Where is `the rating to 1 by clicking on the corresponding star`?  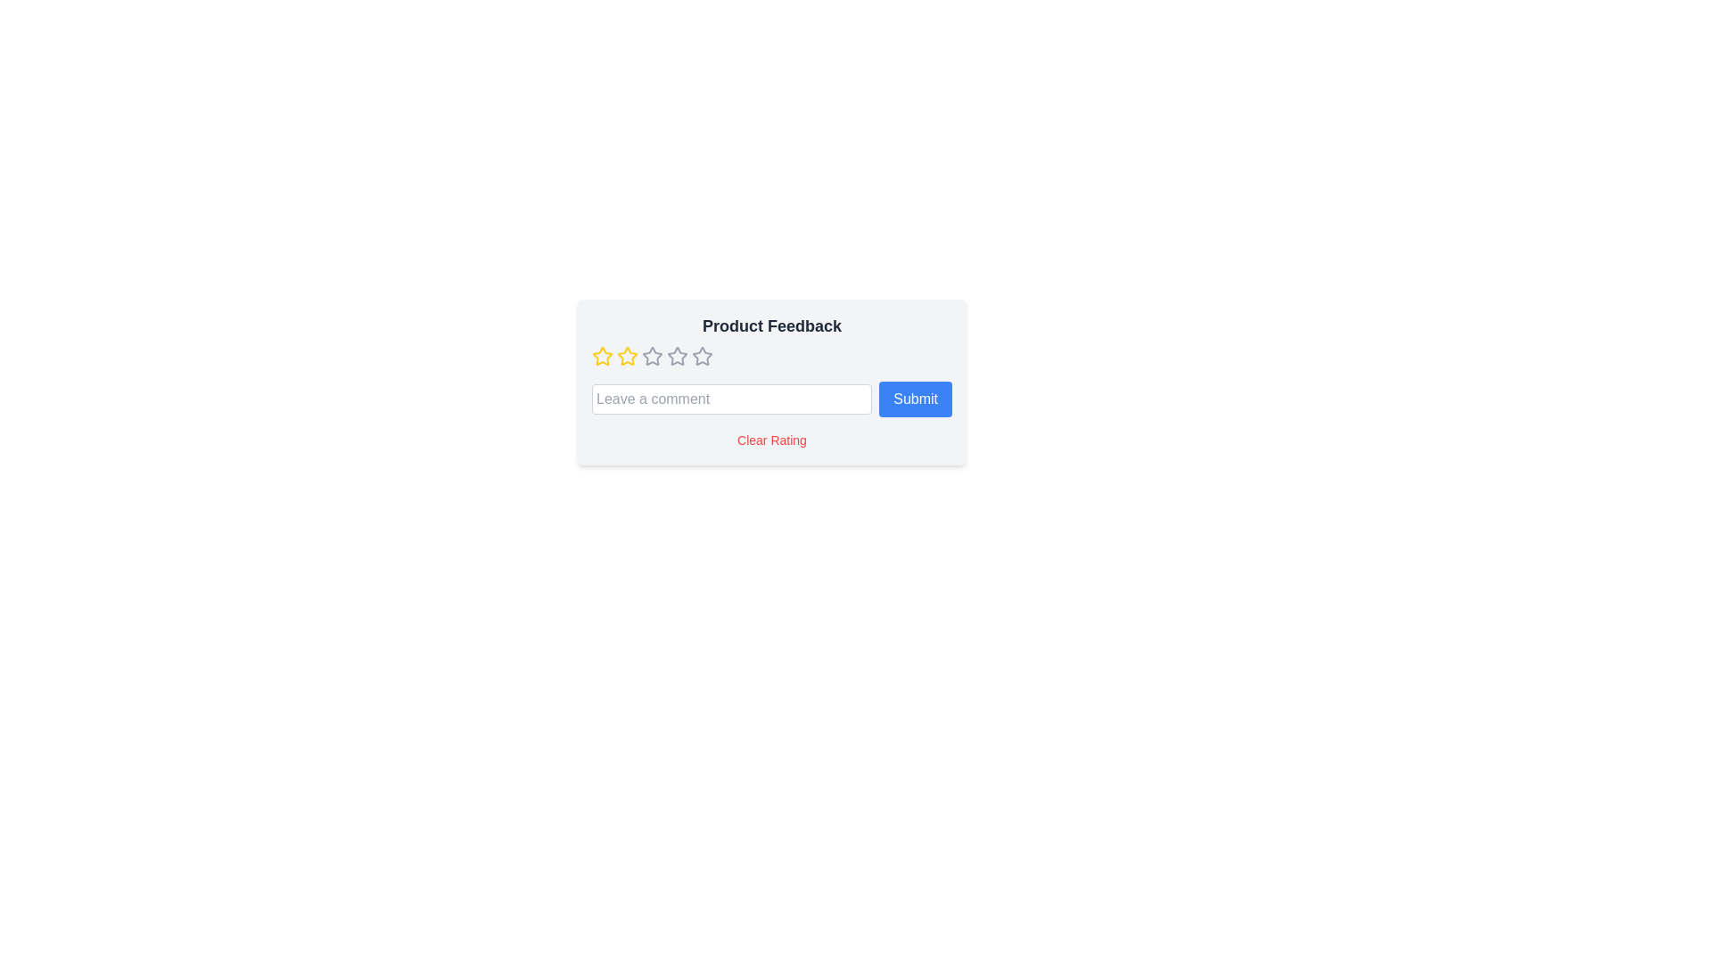 the rating to 1 by clicking on the corresponding star is located at coordinates (603, 357).